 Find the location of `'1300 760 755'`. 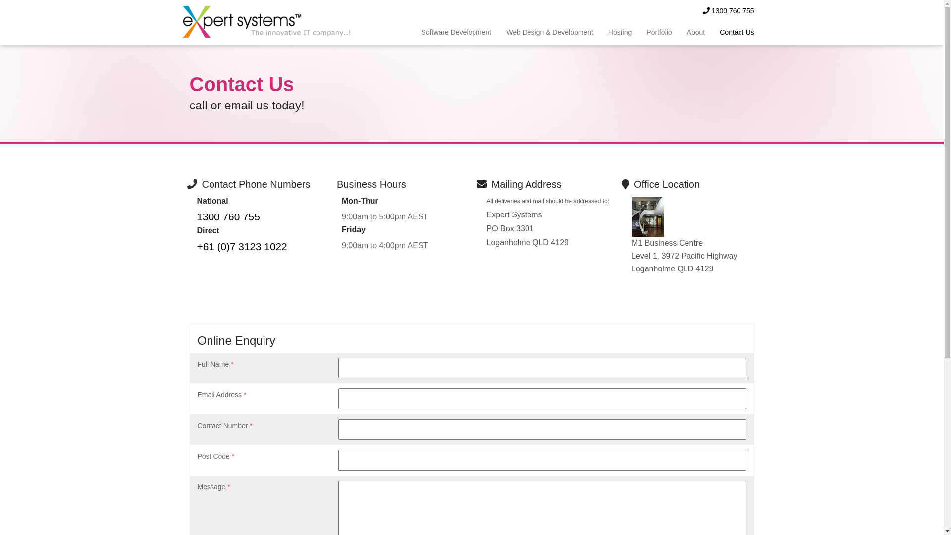

'1300 760 755' is located at coordinates (728, 11).